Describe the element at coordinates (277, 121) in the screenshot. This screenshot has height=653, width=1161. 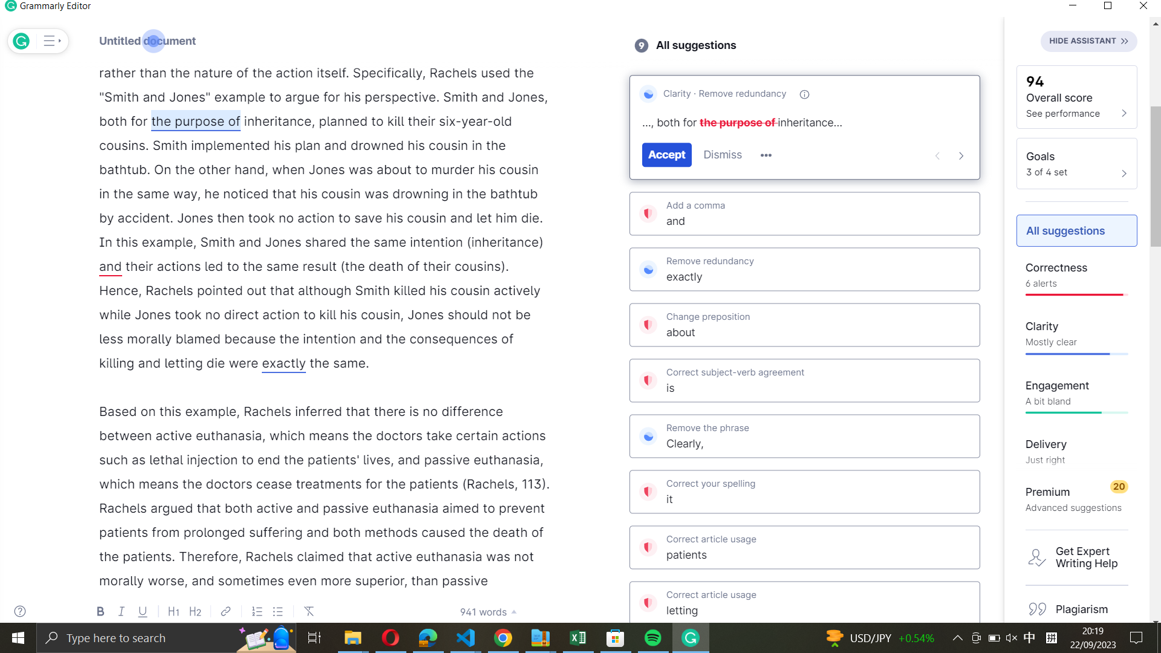
I see `Accept Grammarly"s suggestion for correct word inheritance` at that location.